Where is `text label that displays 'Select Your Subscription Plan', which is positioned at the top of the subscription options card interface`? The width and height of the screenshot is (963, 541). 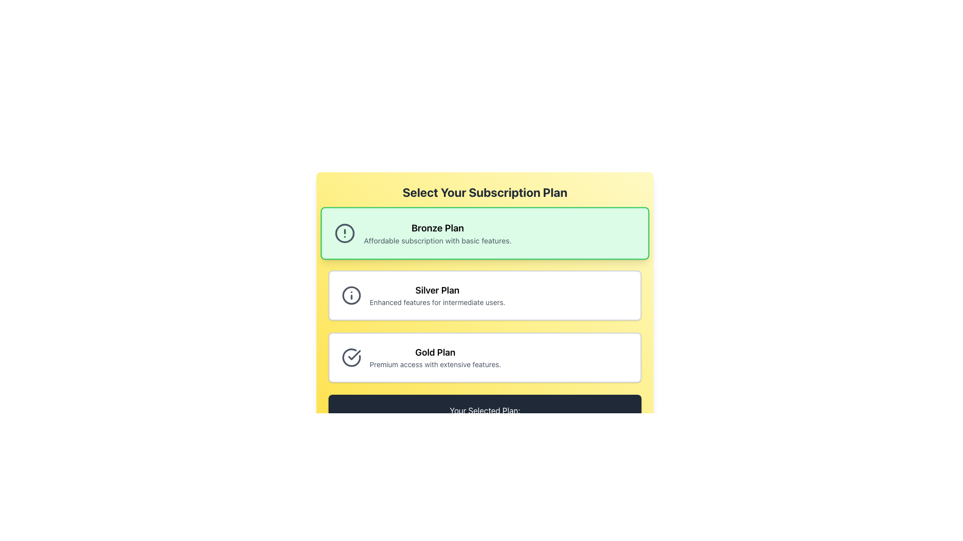
text label that displays 'Select Your Subscription Plan', which is positioned at the top of the subscription options card interface is located at coordinates (485, 192).